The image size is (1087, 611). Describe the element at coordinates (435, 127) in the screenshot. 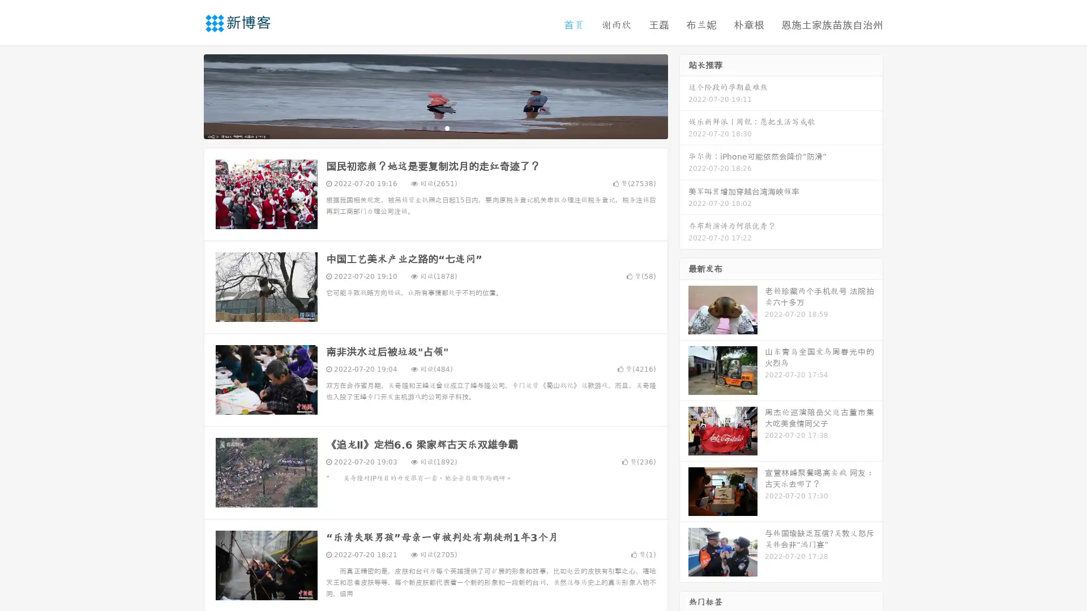

I see `Go to slide 2` at that location.